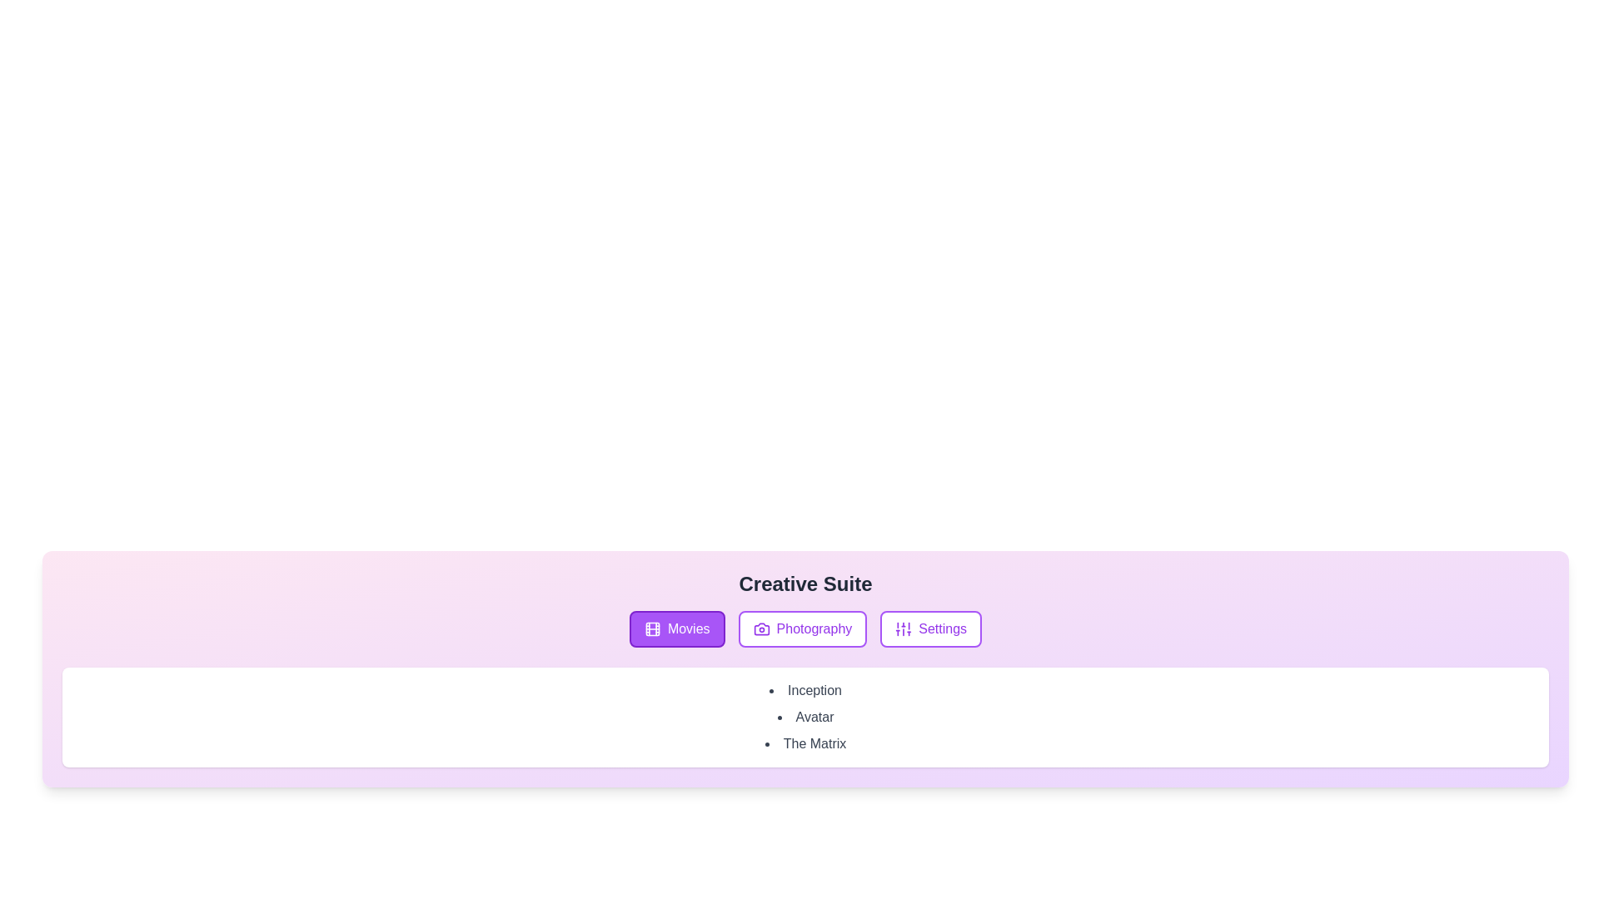 The image size is (1599, 899). I want to click on the rectangular button labeled 'Settings' with a white background and purple border, so click(930, 629).